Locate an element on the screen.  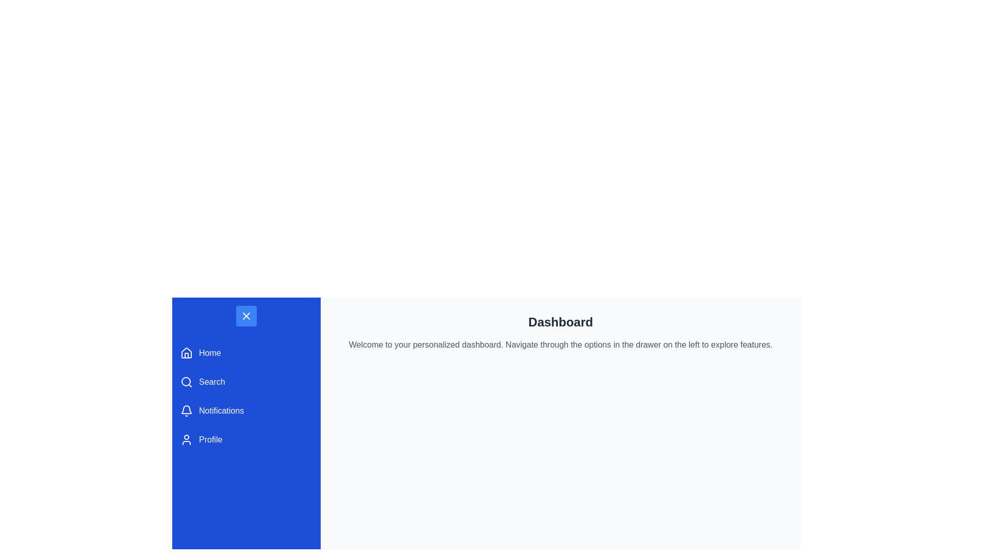
the welcome message and instructions text component located directly below the 'Dashboard' heading, which serves as an introductory guide for users is located at coordinates (560, 345).